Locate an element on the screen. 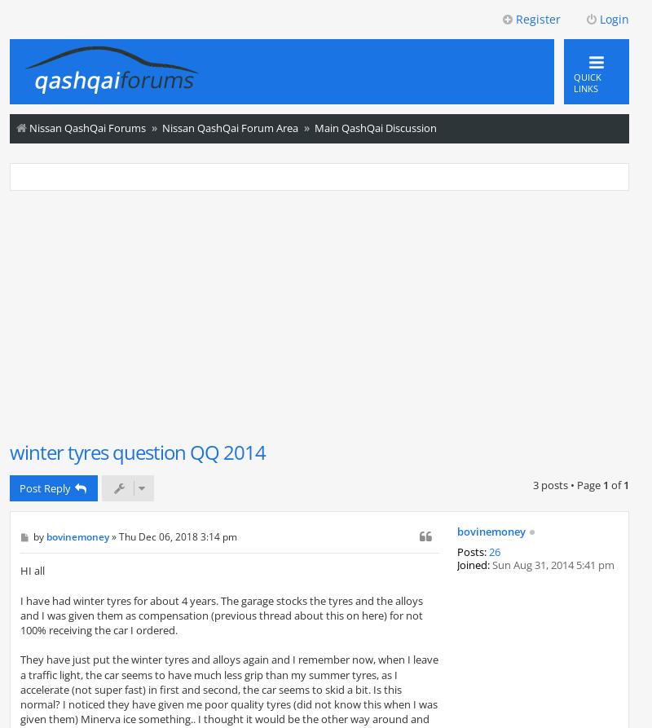 Image resolution: width=652 pixels, height=728 pixels. '26' is located at coordinates (495, 551).